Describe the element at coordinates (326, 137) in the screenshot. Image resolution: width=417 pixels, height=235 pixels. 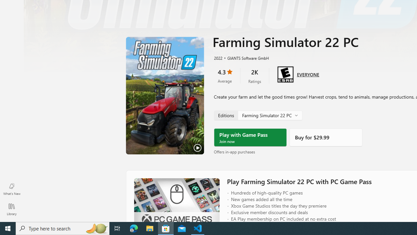
I see `'Buy'` at that location.